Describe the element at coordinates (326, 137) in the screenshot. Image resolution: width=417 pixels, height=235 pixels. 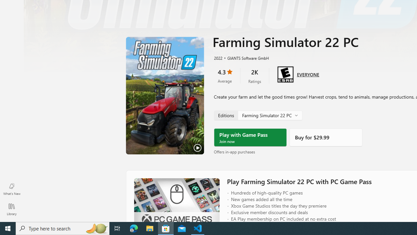
I see `'Buy'` at that location.